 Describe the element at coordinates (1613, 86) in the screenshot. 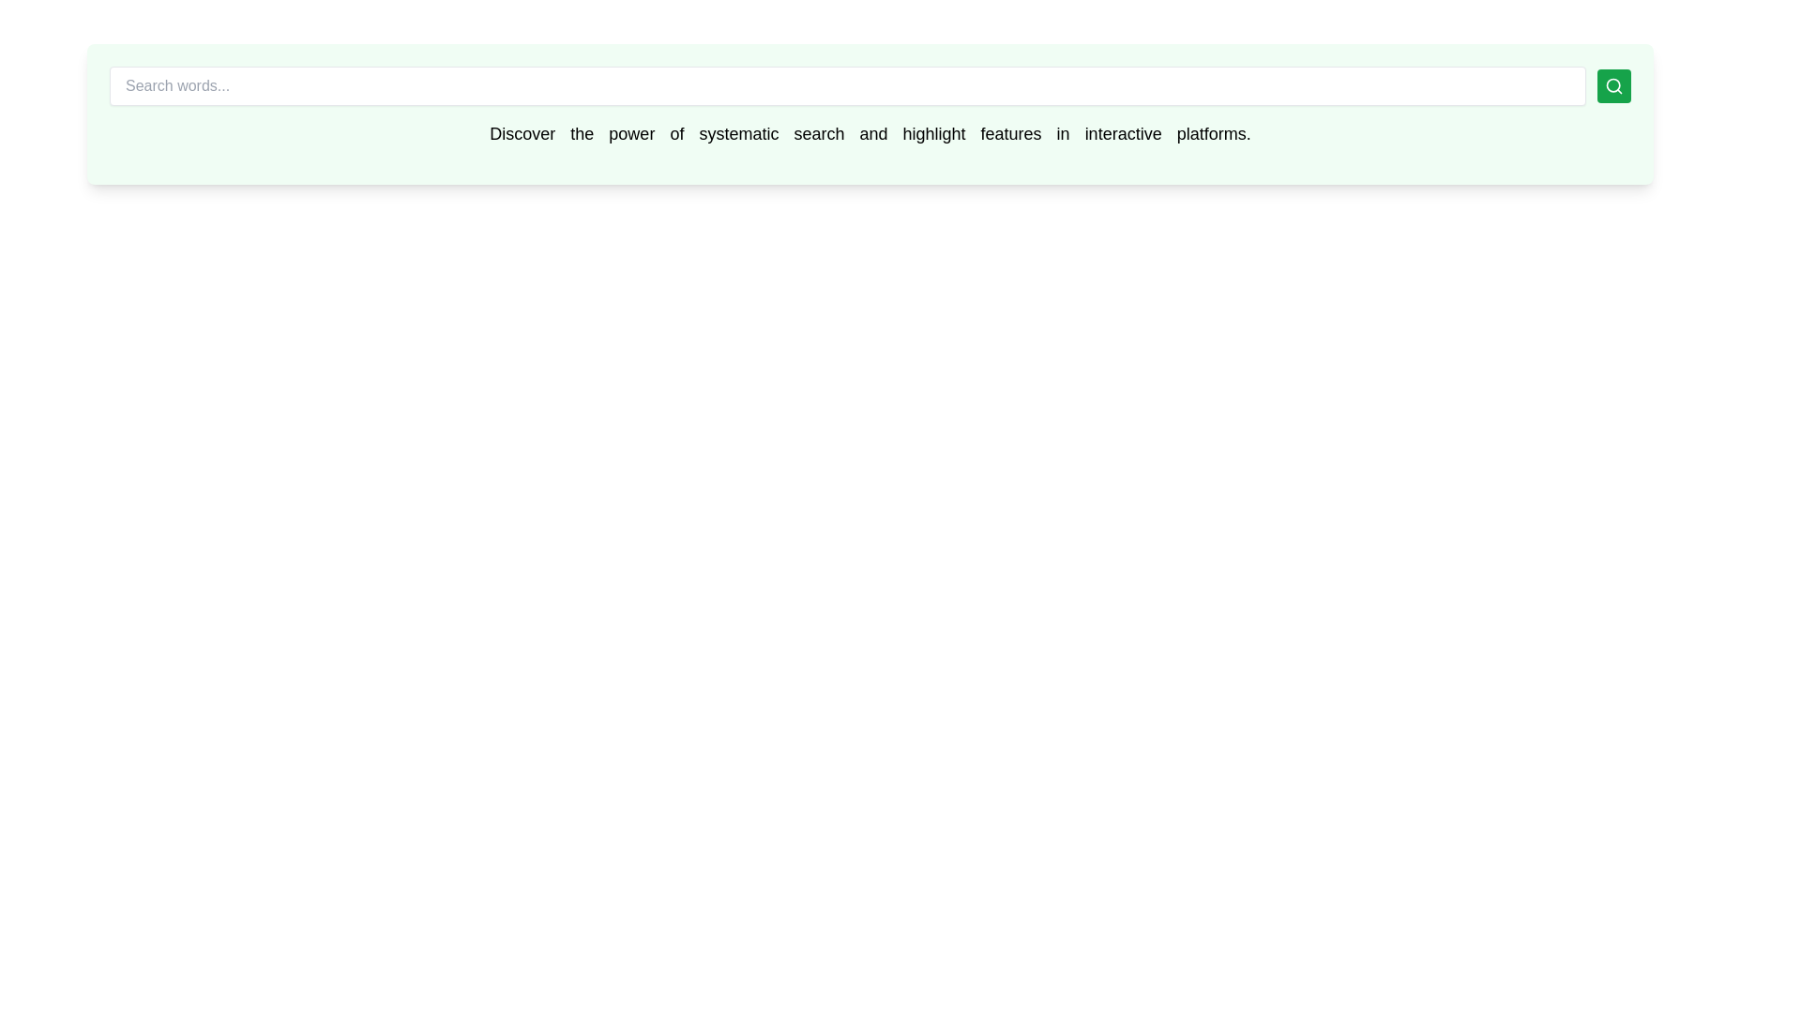

I see `the search icon, which is represented by a circular green button at the right end of the search input bar, to trigger visual feedback` at that location.